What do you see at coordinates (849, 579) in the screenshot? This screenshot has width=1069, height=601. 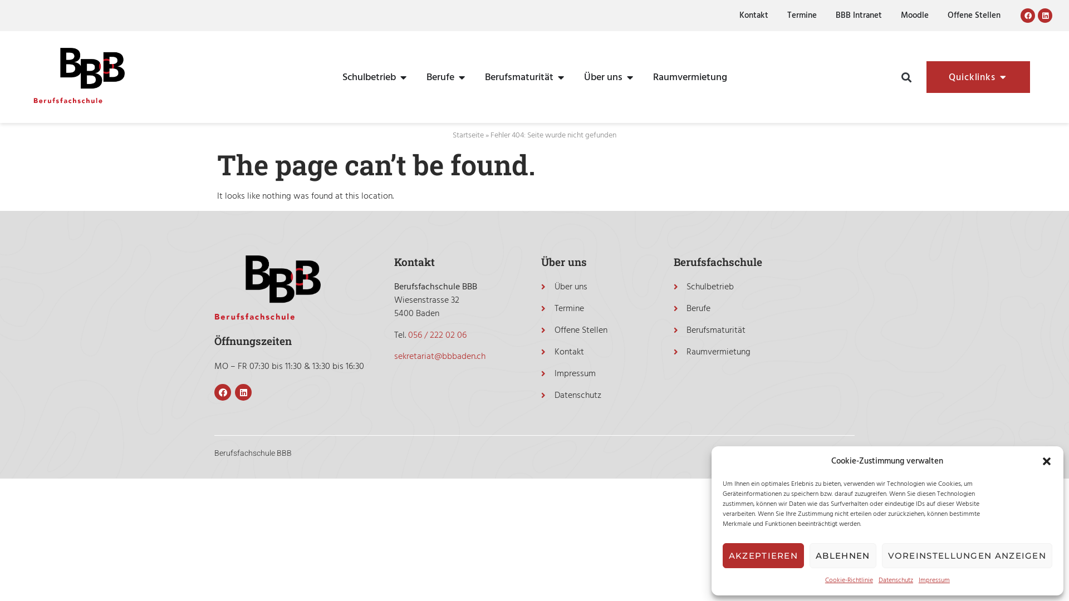 I see `'Cookie-Richtlinie'` at bounding box center [849, 579].